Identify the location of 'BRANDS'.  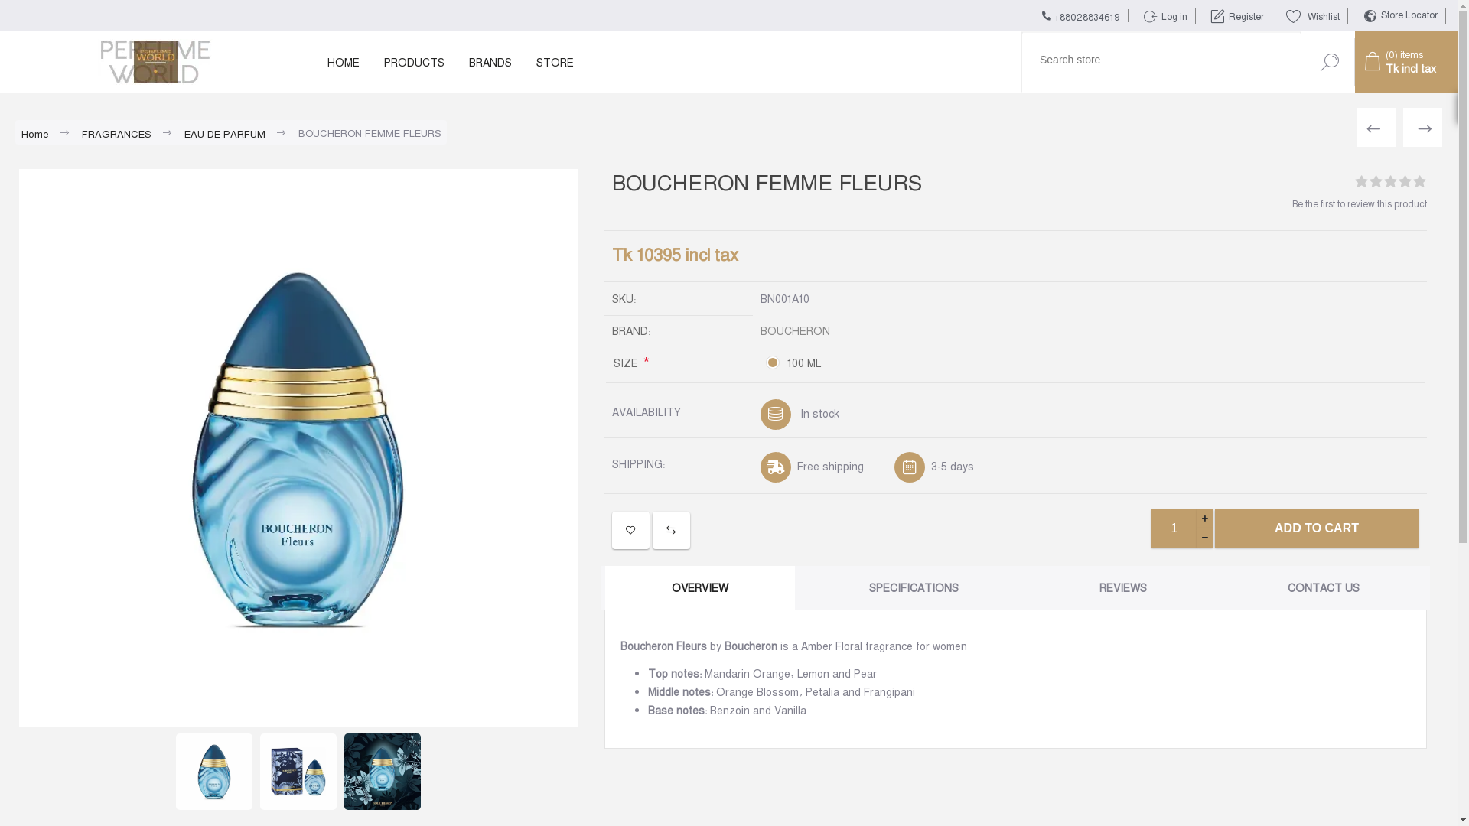
(490, 61).